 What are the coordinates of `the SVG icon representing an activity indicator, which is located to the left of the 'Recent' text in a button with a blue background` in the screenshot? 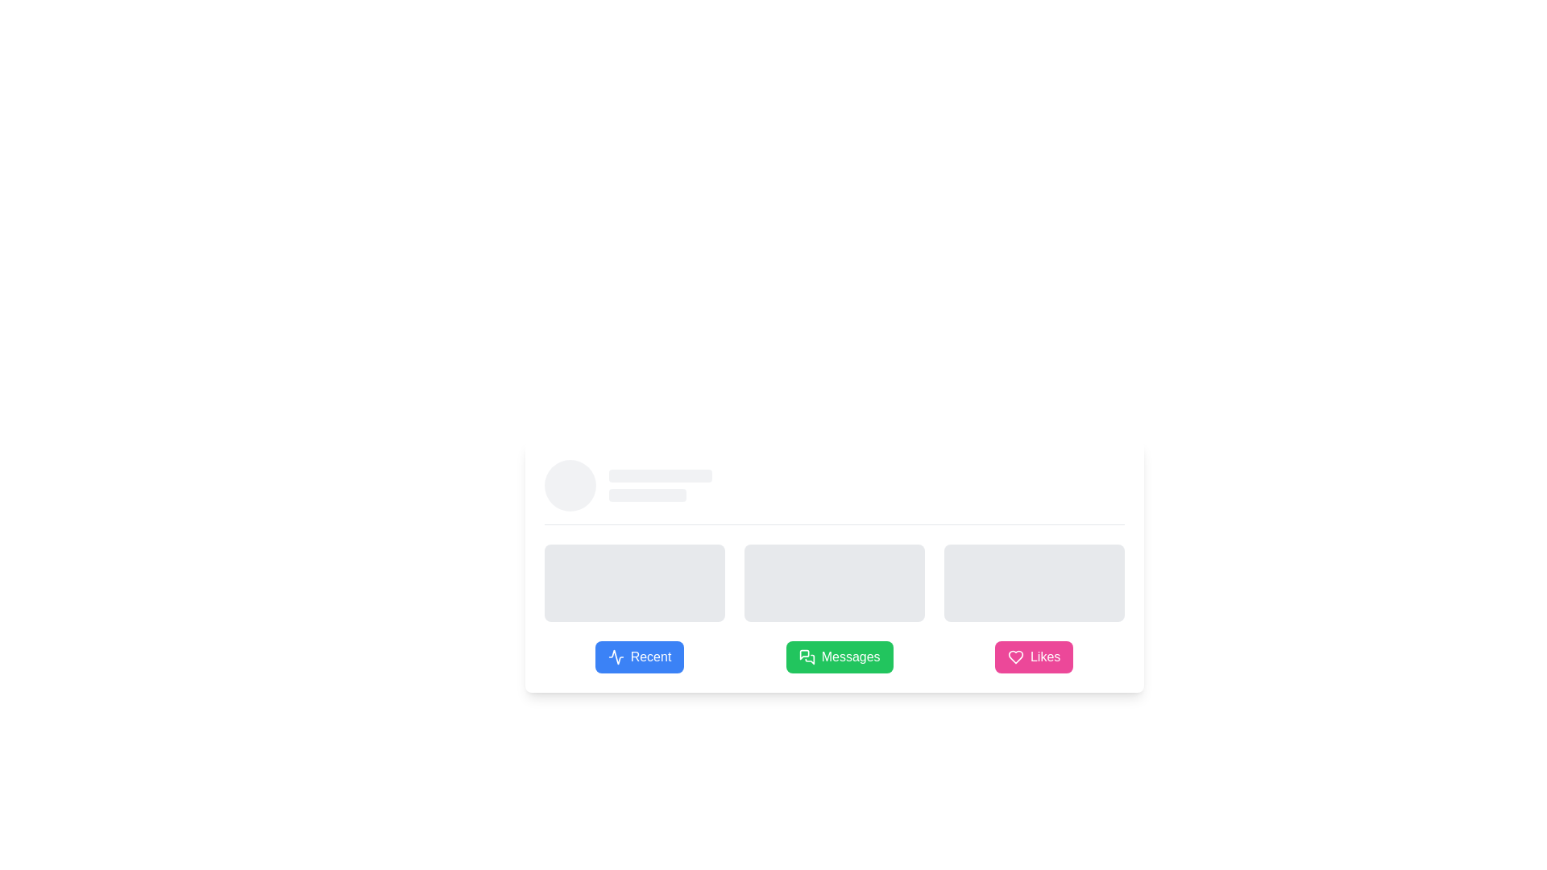 It's located at (615, 657).